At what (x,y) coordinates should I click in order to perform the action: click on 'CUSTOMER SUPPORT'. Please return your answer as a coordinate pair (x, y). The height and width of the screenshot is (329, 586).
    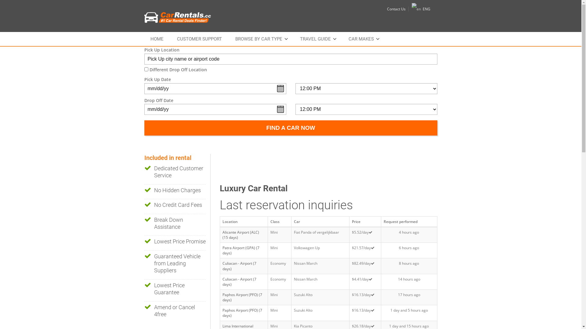
    Looking at the image, I should click on (199, 39).